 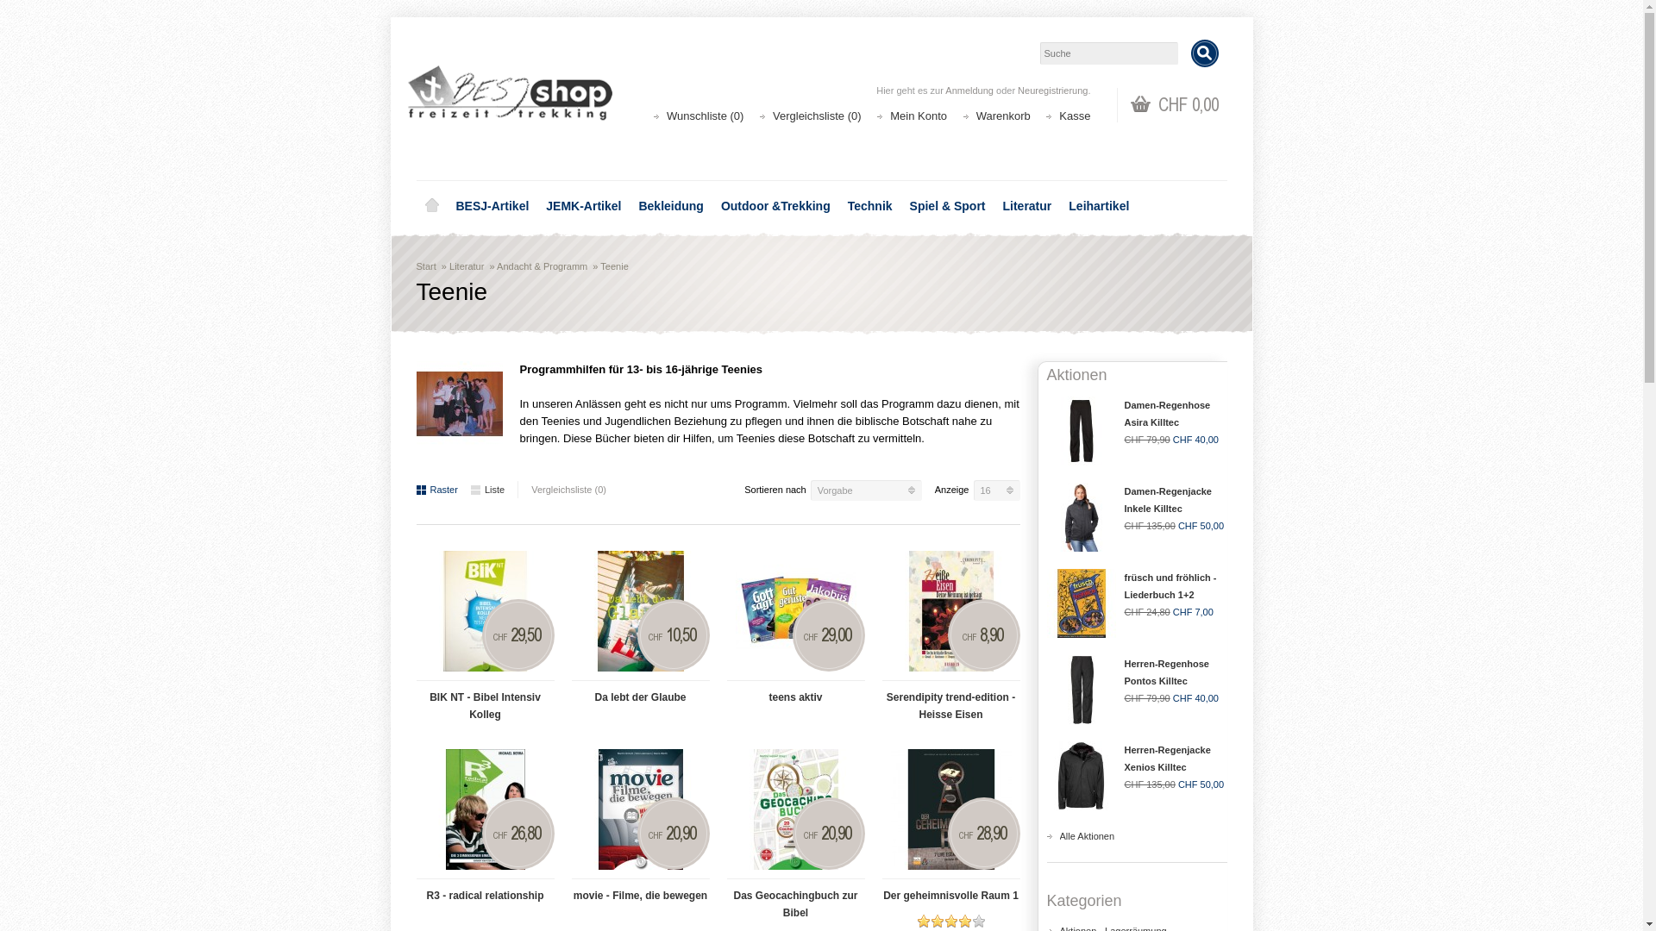 I want to click on 'R3 - radical relationship', so click(x=483, y=890).